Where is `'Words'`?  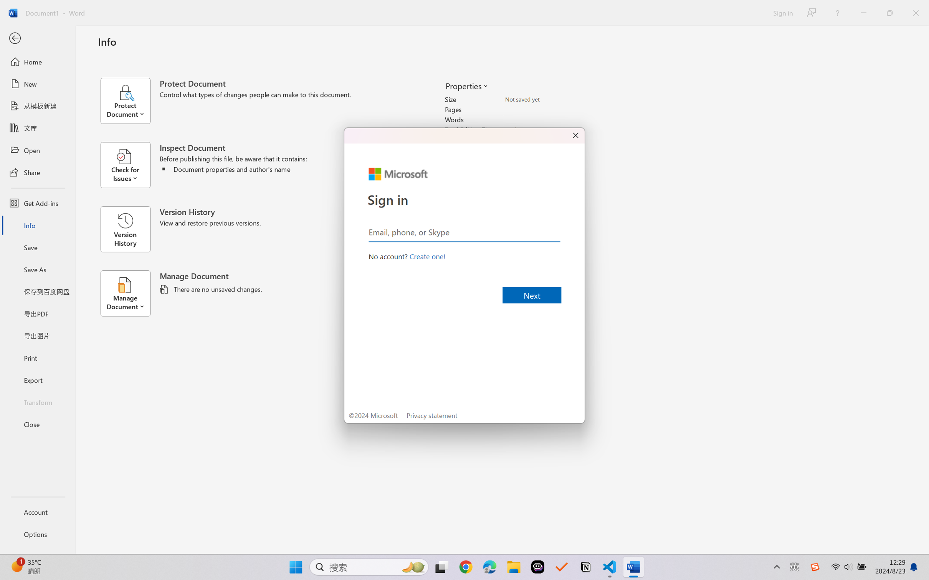 'Words' is located at coordinates (547, 119).